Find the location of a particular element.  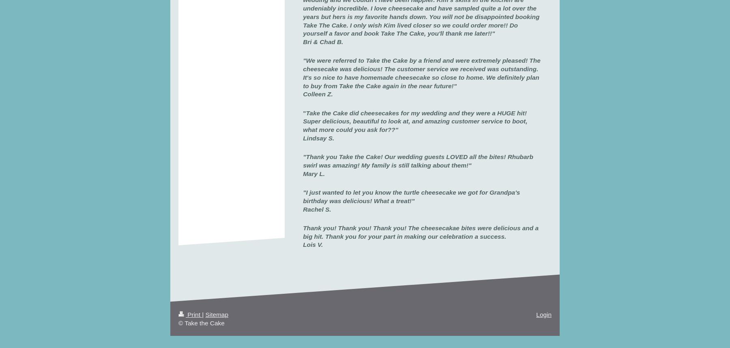

'Take the Cake did cheesecakes for my wedding and they were a HUGE hit! Super delicious, beautiful to look at, and amazing customer service to boot, what more could you ask
for??"' is located at coordinates (415, 121).